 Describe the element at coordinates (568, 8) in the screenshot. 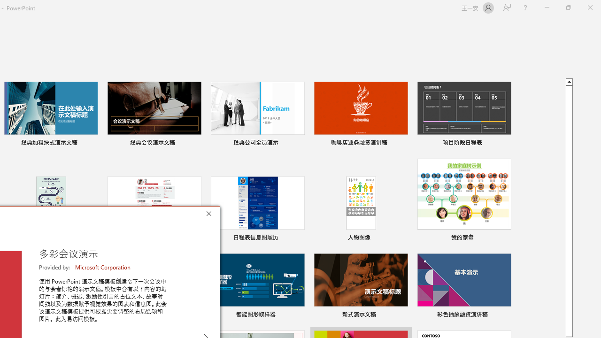

I see `'Restore Down'` at that location.